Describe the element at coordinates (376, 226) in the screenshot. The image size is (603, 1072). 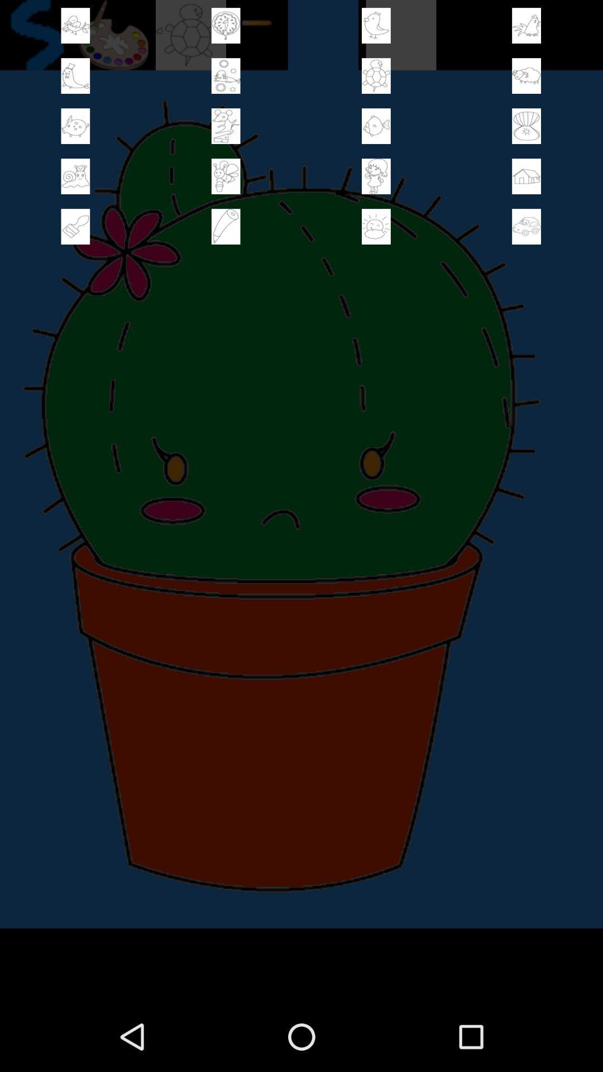
I see `sticker` at that location.